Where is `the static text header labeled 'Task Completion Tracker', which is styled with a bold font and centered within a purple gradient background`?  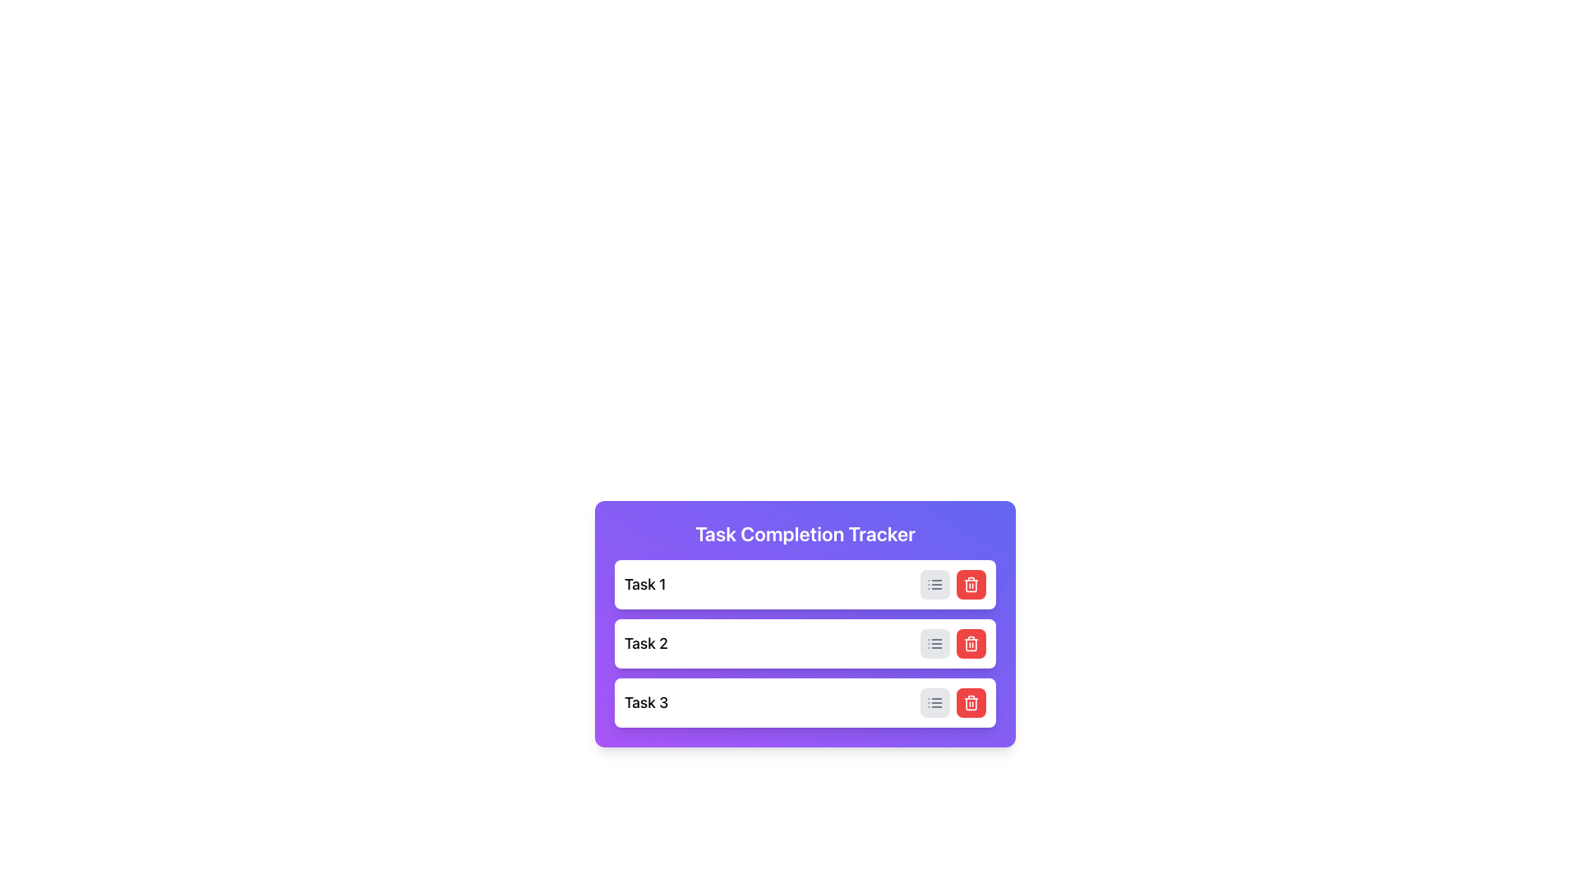 the static text header labeled 'Task Completion Tracker', which is styled with a bold font and centered within a purple gradient background is located at coordinates (805, 534).